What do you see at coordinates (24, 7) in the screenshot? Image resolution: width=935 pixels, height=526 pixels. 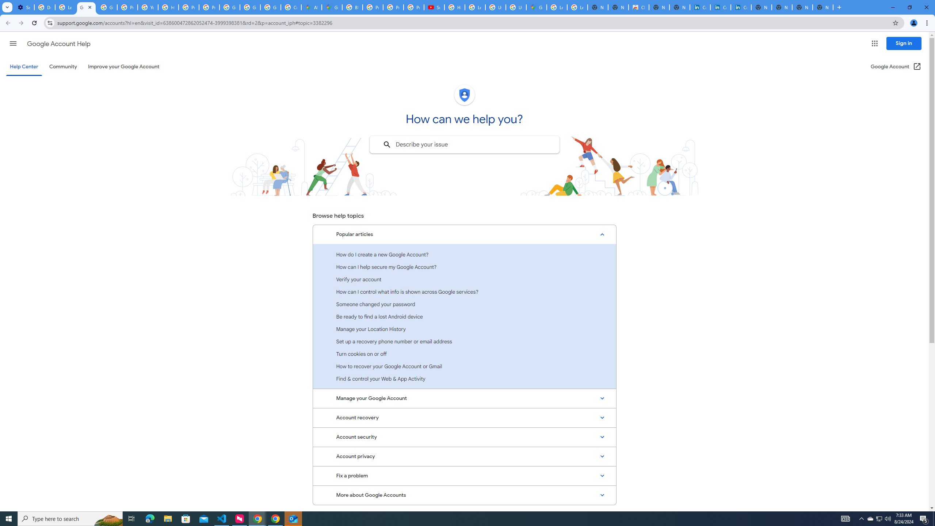 I see `'Settings - Customize profile'` at bounding box center [24, 7].